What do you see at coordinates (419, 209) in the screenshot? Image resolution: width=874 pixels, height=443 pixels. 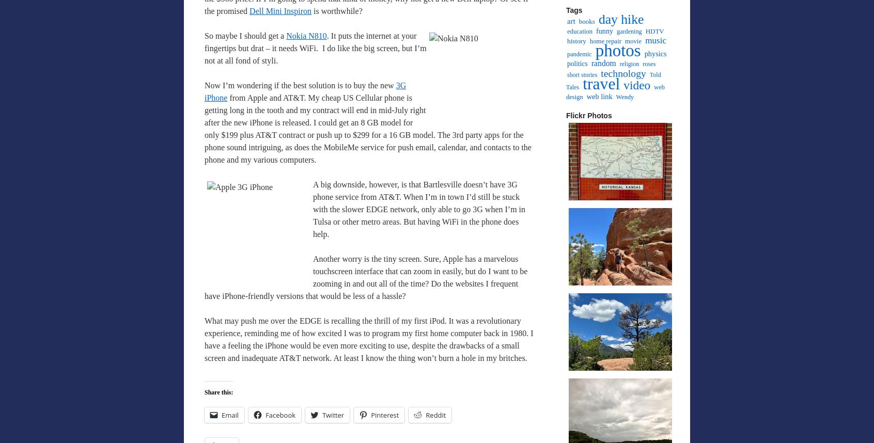 I see `'A big downside, however, is that Bartlesville doesn’t have 3G phone service from AT&T.  When I’m in town I’d still be stuck with the slower EDGE network, only able to go 3G when I’m in Tulsa or other metro areas.  But having WiFi in the phone does help.'` at bounding box center [419, 209].